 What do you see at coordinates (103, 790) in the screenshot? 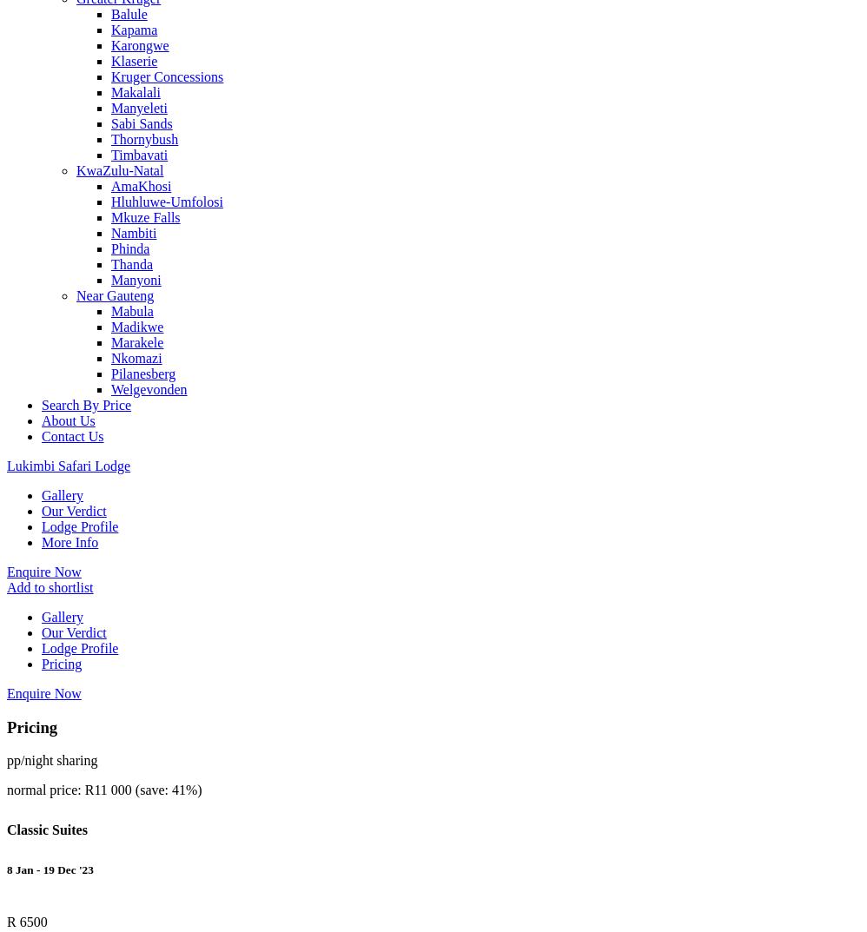
I see `'normal price: R11 000 (save: 41%)'` at bounding box center [103, 790].